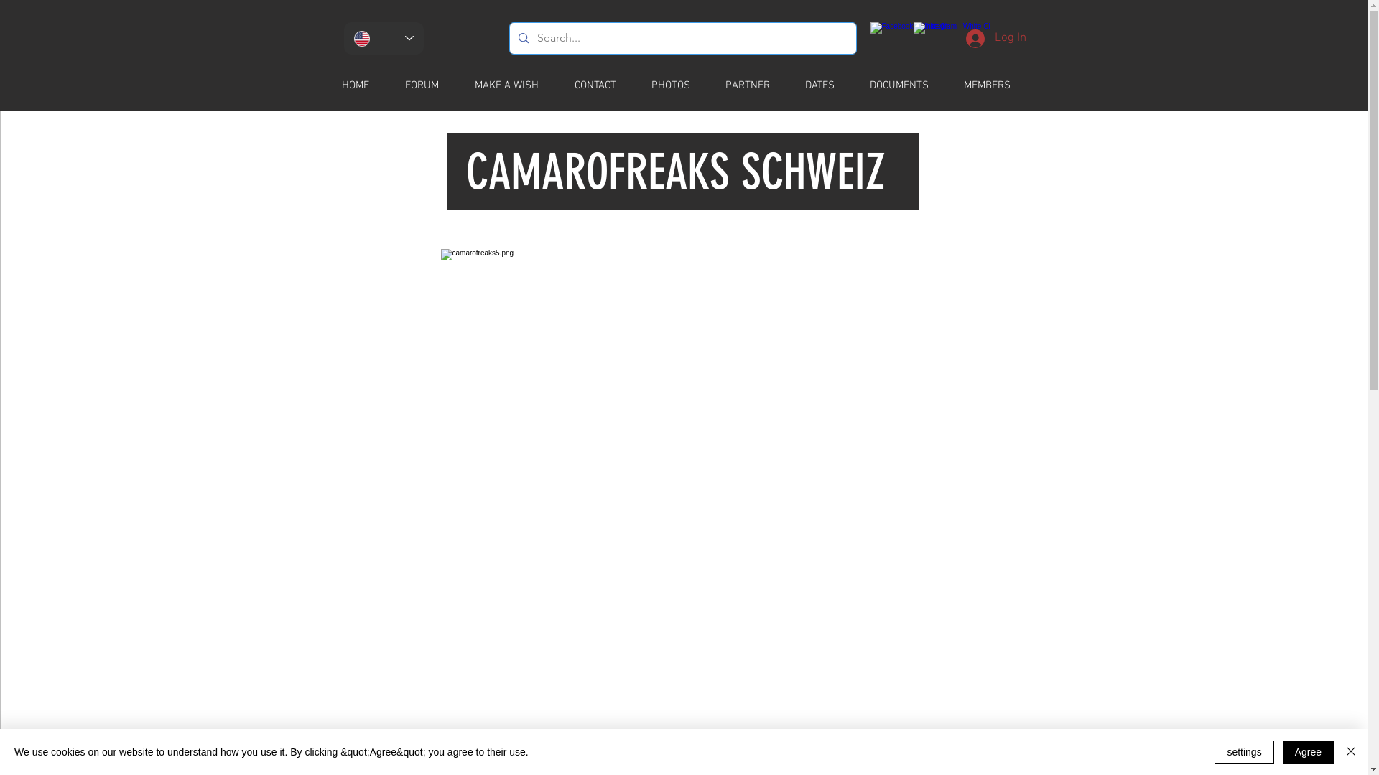 This screenshot has width=1379, height=775. What do you see at coordinates (995, 38) in the screenshot?
I see `'Log In'` at bounding box center [995, 38].